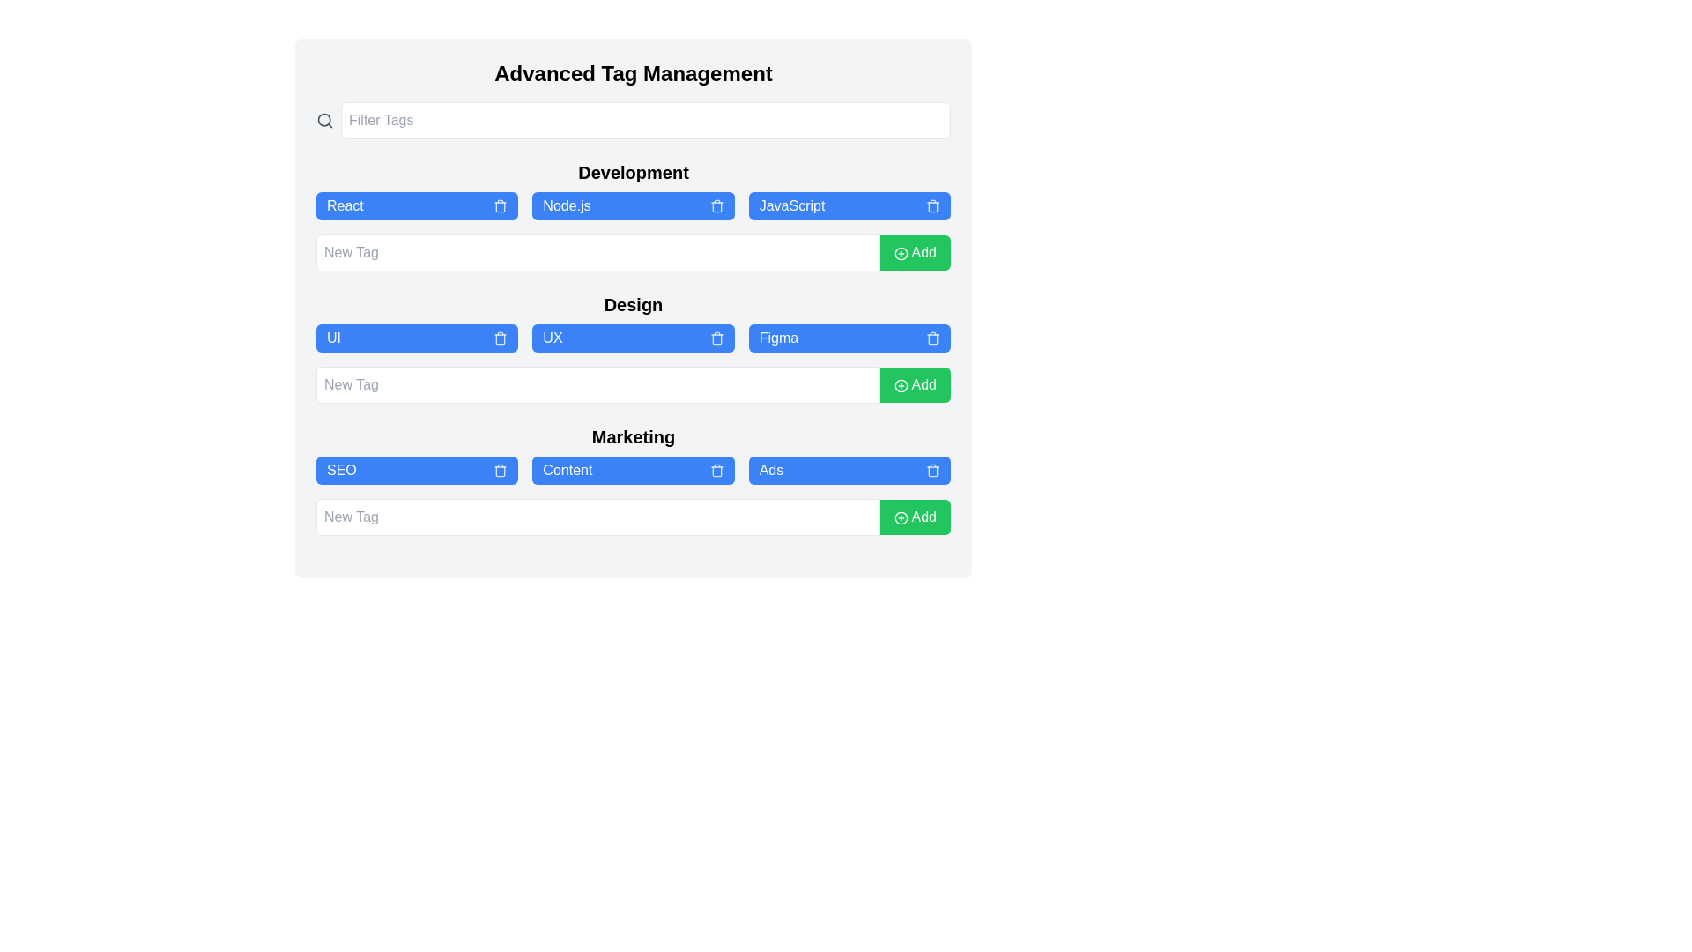  I want to click on the circular graphic element inside the 'Add' button in the 'Development' section, styled with green and white tones, so click(901, 253).